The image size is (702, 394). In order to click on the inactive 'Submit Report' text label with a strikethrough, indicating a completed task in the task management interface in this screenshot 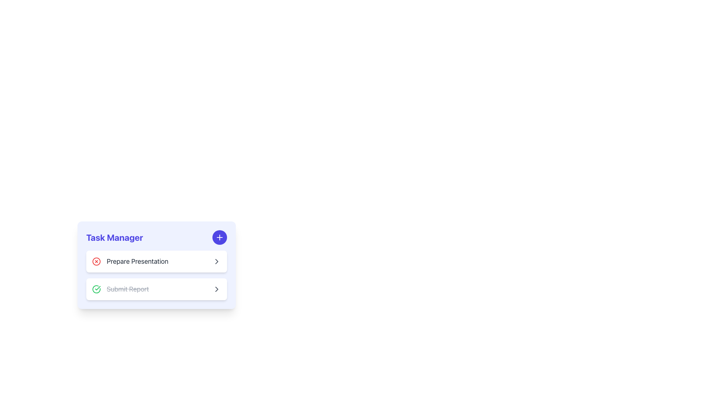, I will do `click(128, 289)`.